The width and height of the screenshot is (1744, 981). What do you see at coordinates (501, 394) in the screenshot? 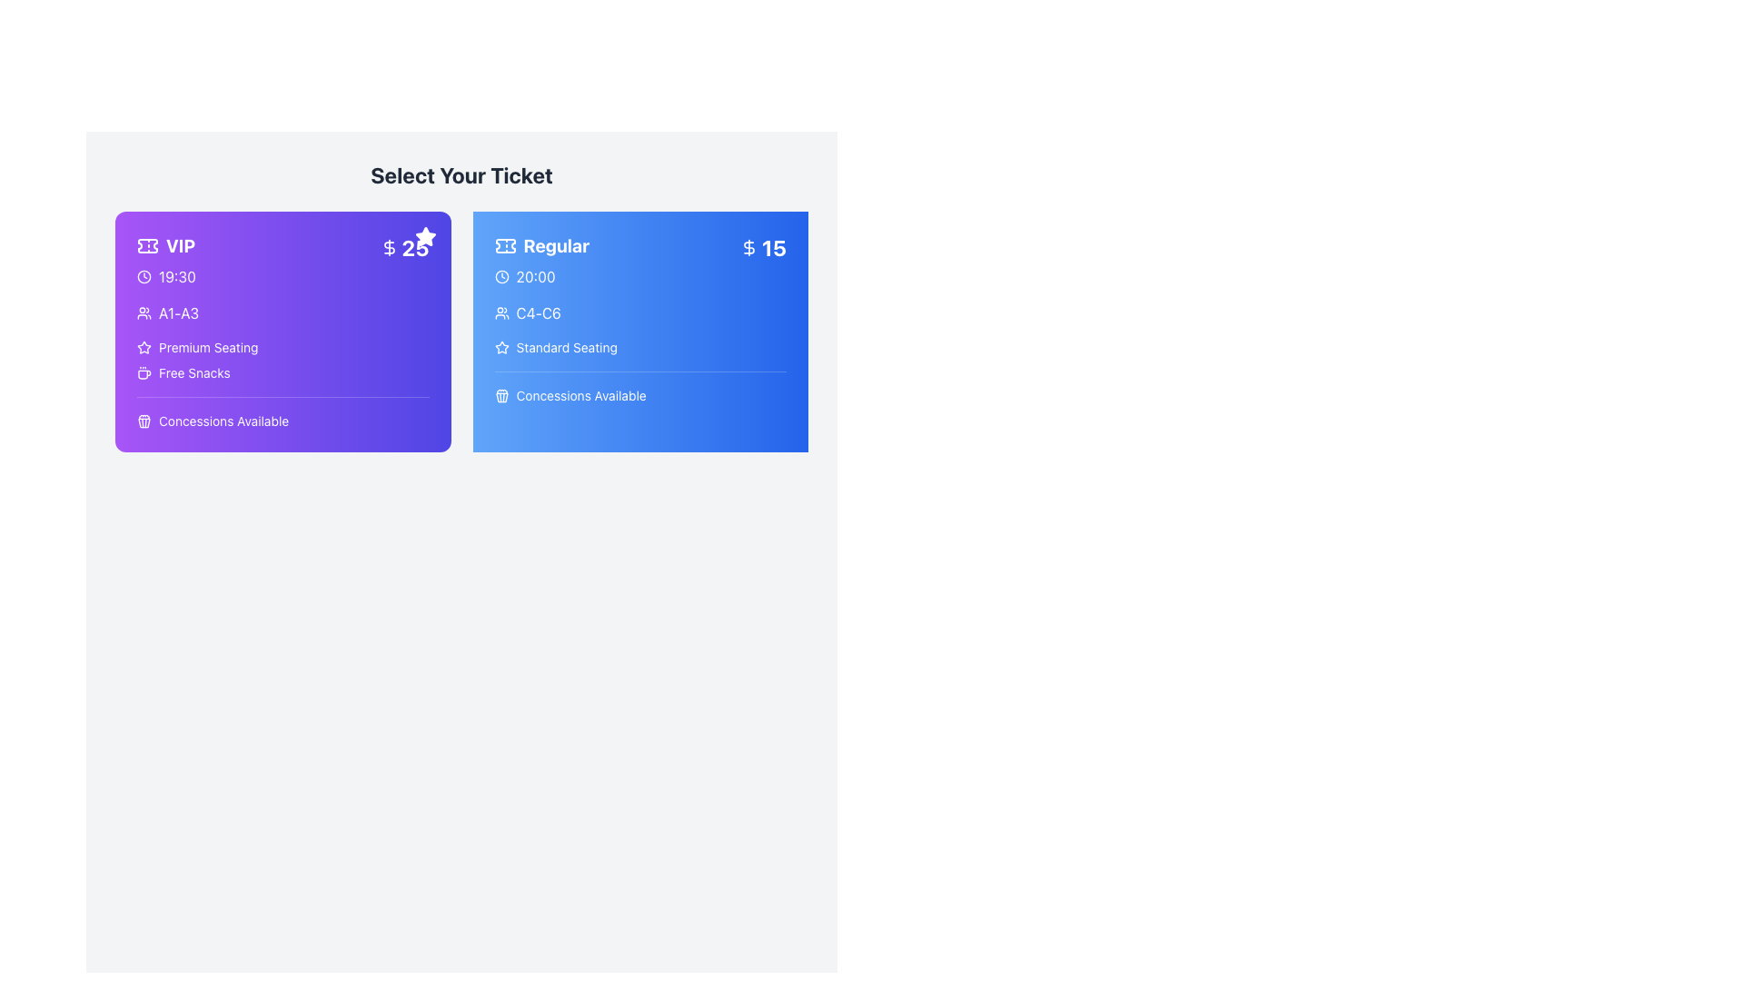
I see `the concessions availability icon located within the blue card labeled 'Regular', which enhances the visual communication of the text 'Concessions Available'` at bounding box center [501, 394].